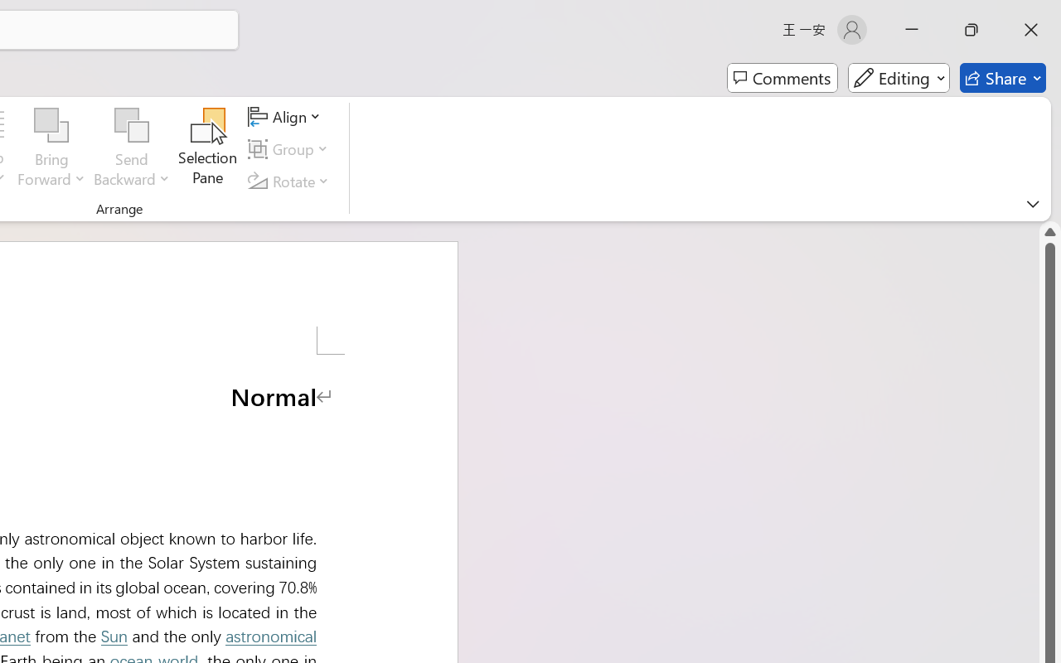 This screenshot has width=1061, height=663. I want to click on 'Bring Forward', so click(51, 125).